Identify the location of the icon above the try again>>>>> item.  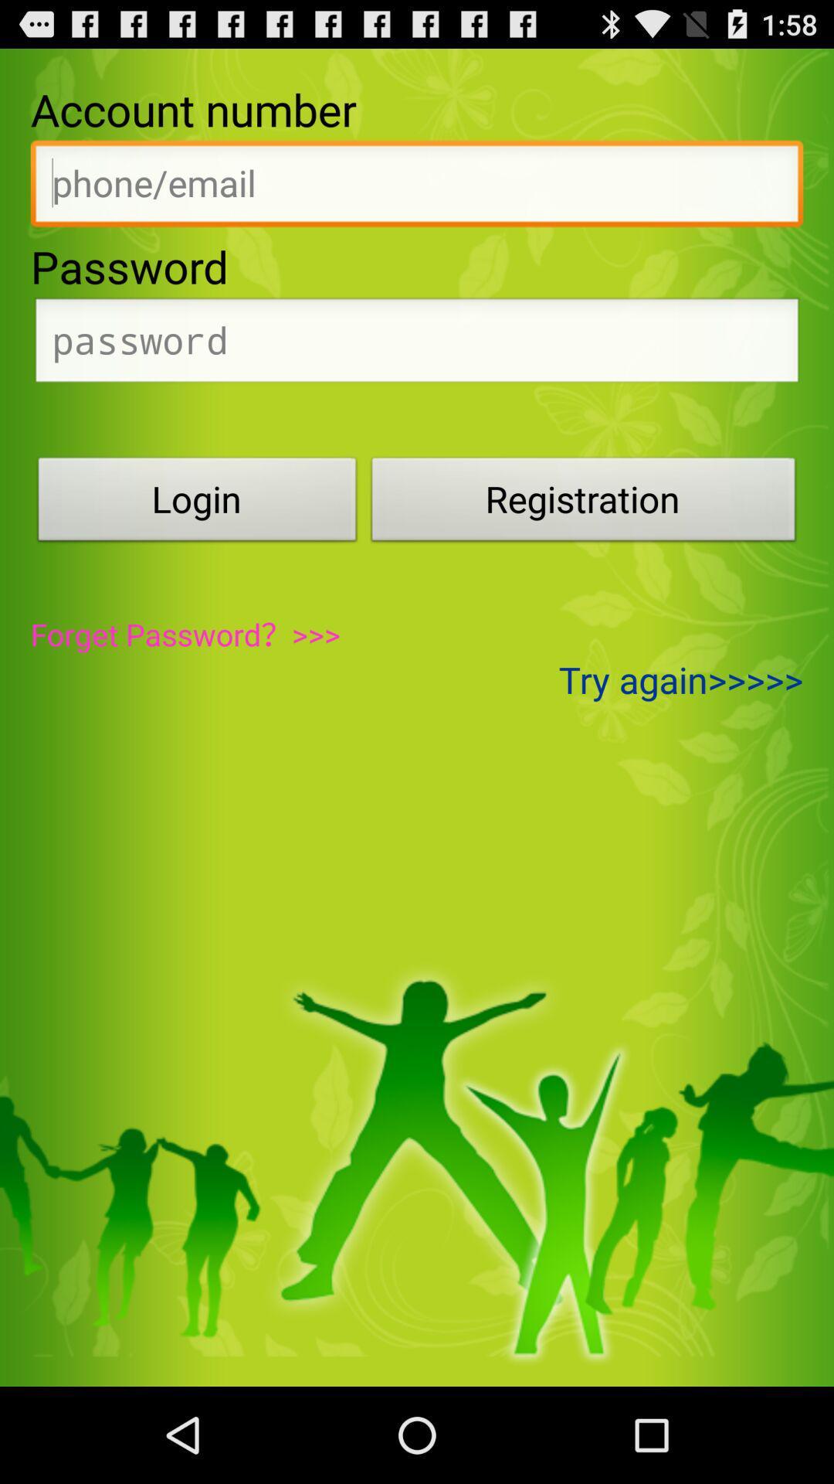
(584, 503).